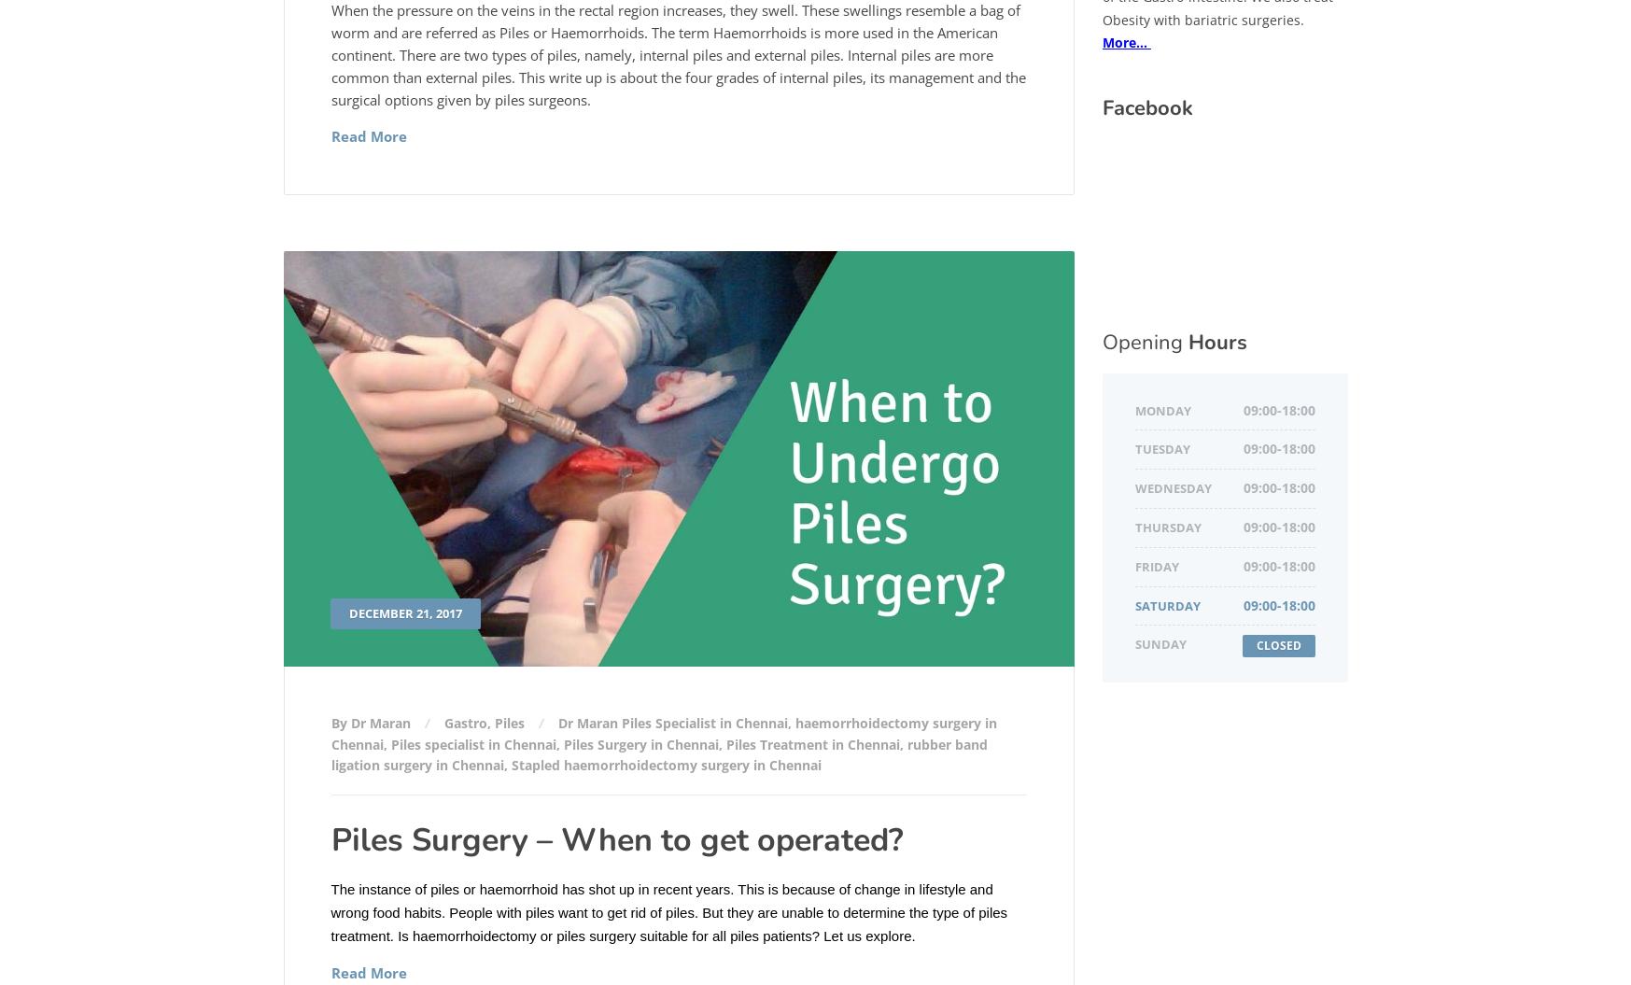  What do you see at coordinates (615, 839) in the screenshot?
I see `'Piles Surgery – When to get operated?'` at bounding box center [615, 839].